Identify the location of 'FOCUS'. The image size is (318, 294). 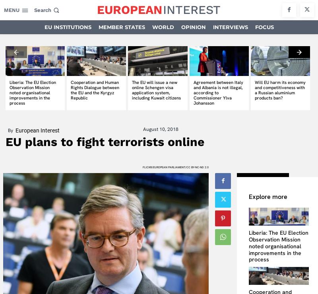
(264, 27).